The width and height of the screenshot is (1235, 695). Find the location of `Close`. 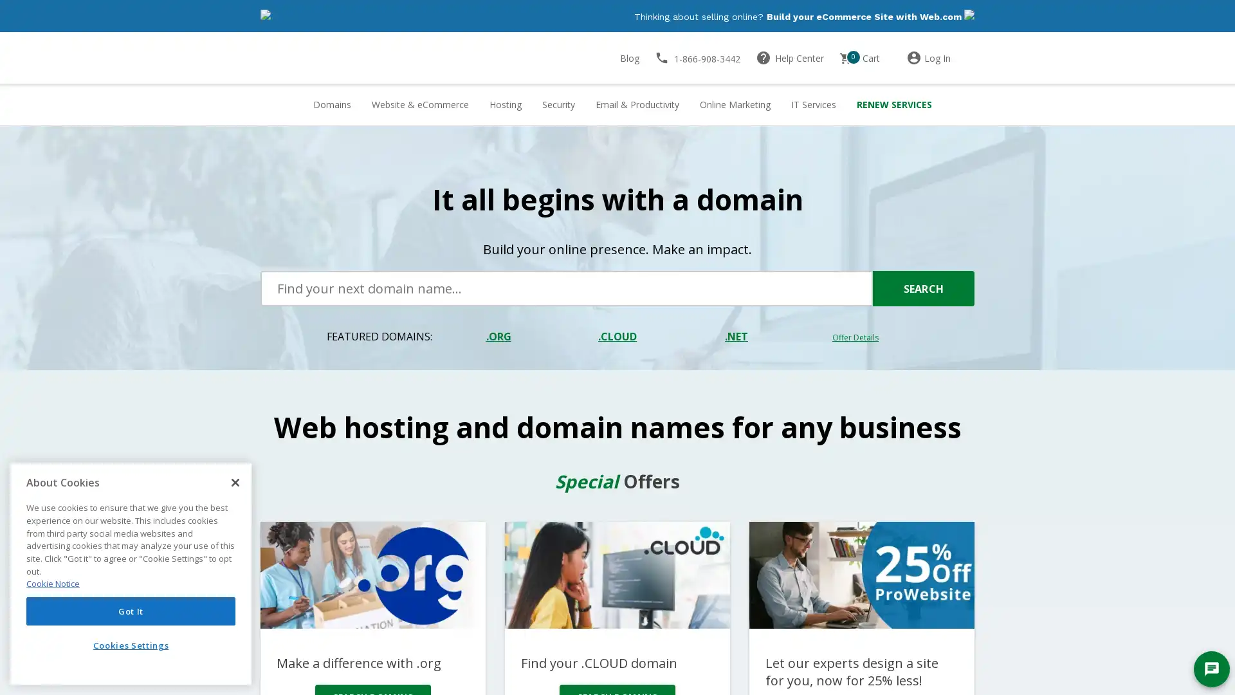

Close is located at coordinates (235, 482).